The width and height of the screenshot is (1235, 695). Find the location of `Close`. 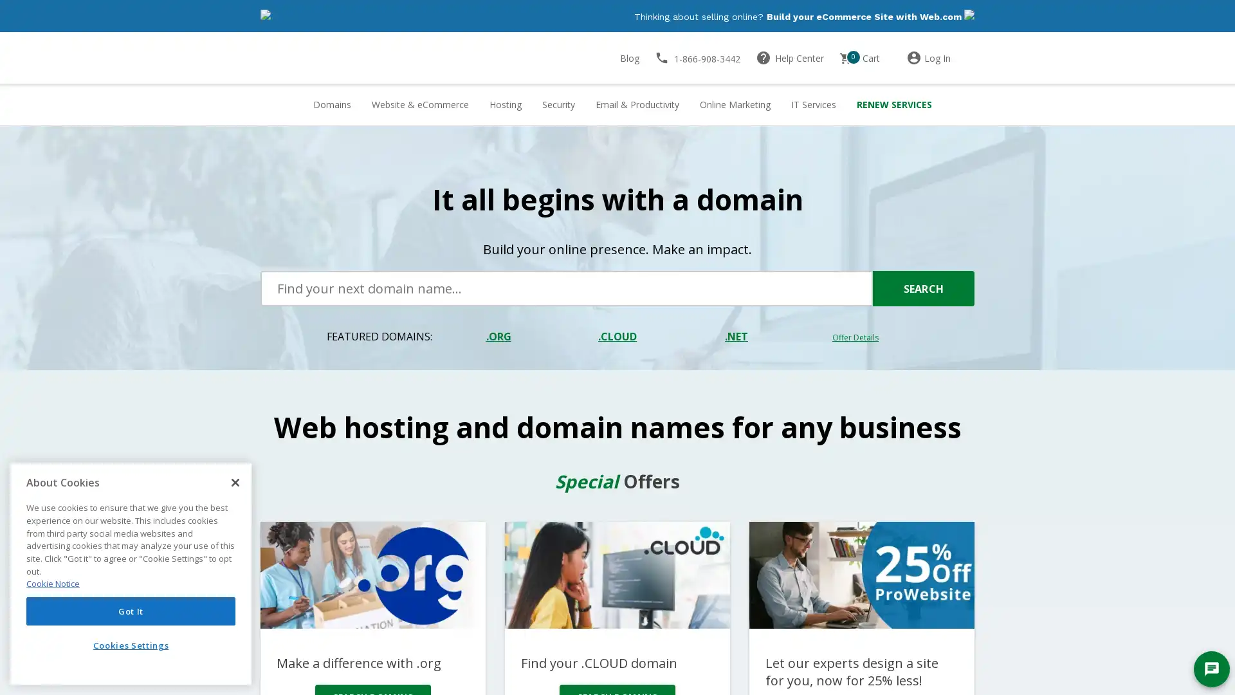

Close is located at coordinates (235, 482).